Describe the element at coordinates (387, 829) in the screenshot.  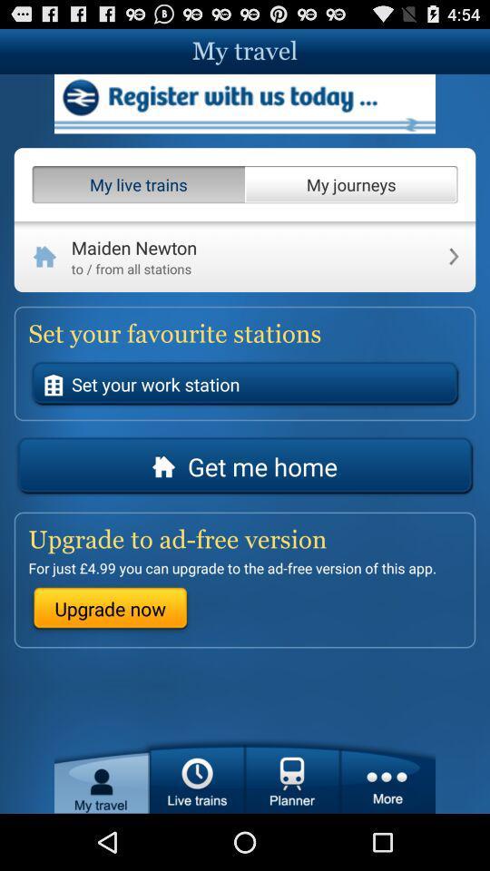
I see `the more icon` at that location.